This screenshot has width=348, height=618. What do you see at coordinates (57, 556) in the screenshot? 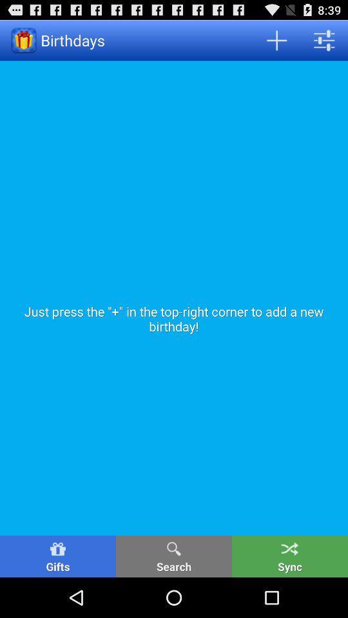
I see `the icon to the left of search icon` at bounding box center [57, 556].